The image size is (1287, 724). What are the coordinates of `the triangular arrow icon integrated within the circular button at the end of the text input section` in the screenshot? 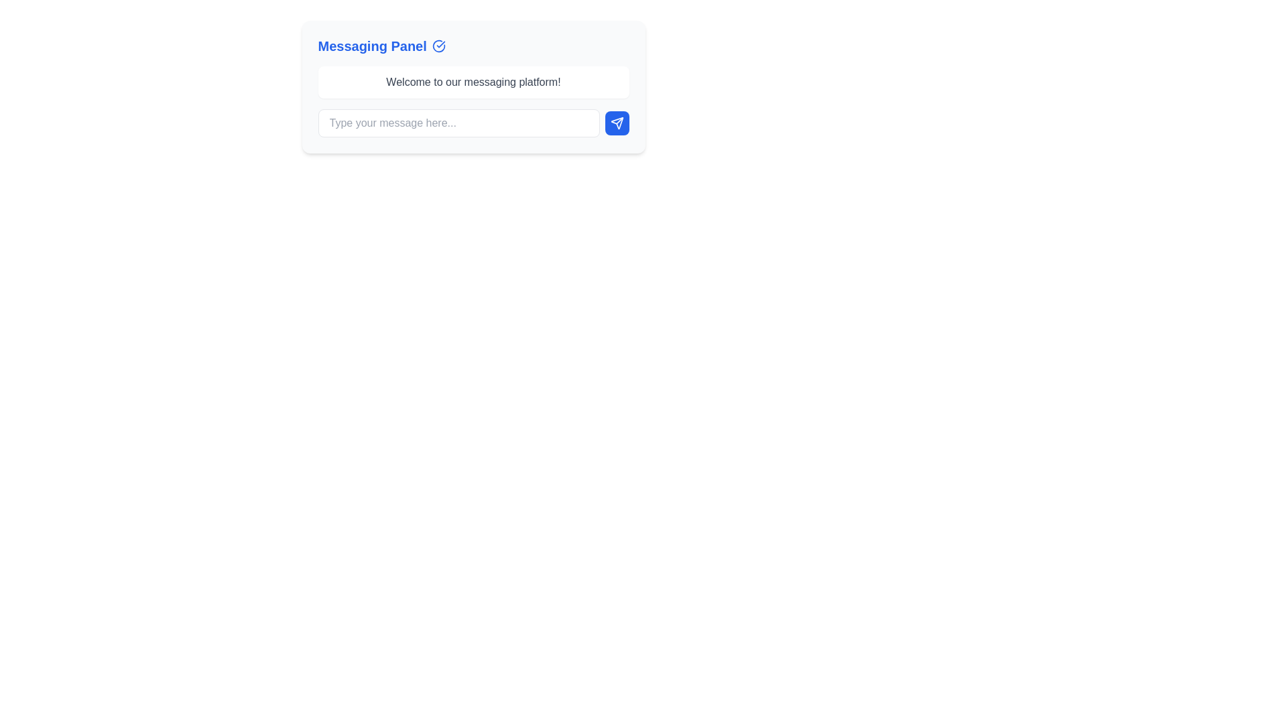 It's located at (616, 123).